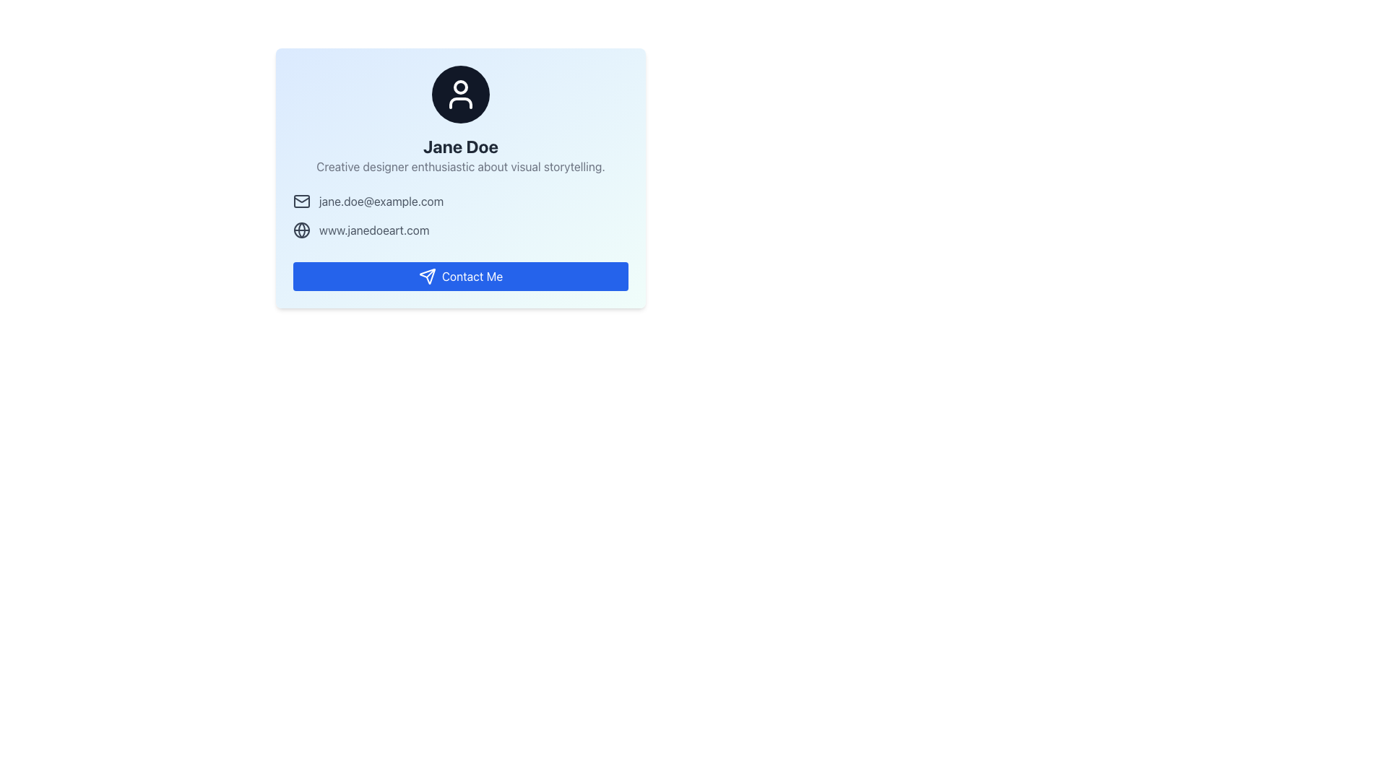 The image size is (1387, 780). I want to click on the small circle representing the profile picture icon, which is located at the center of the user card above the text content, so click(460, 87).